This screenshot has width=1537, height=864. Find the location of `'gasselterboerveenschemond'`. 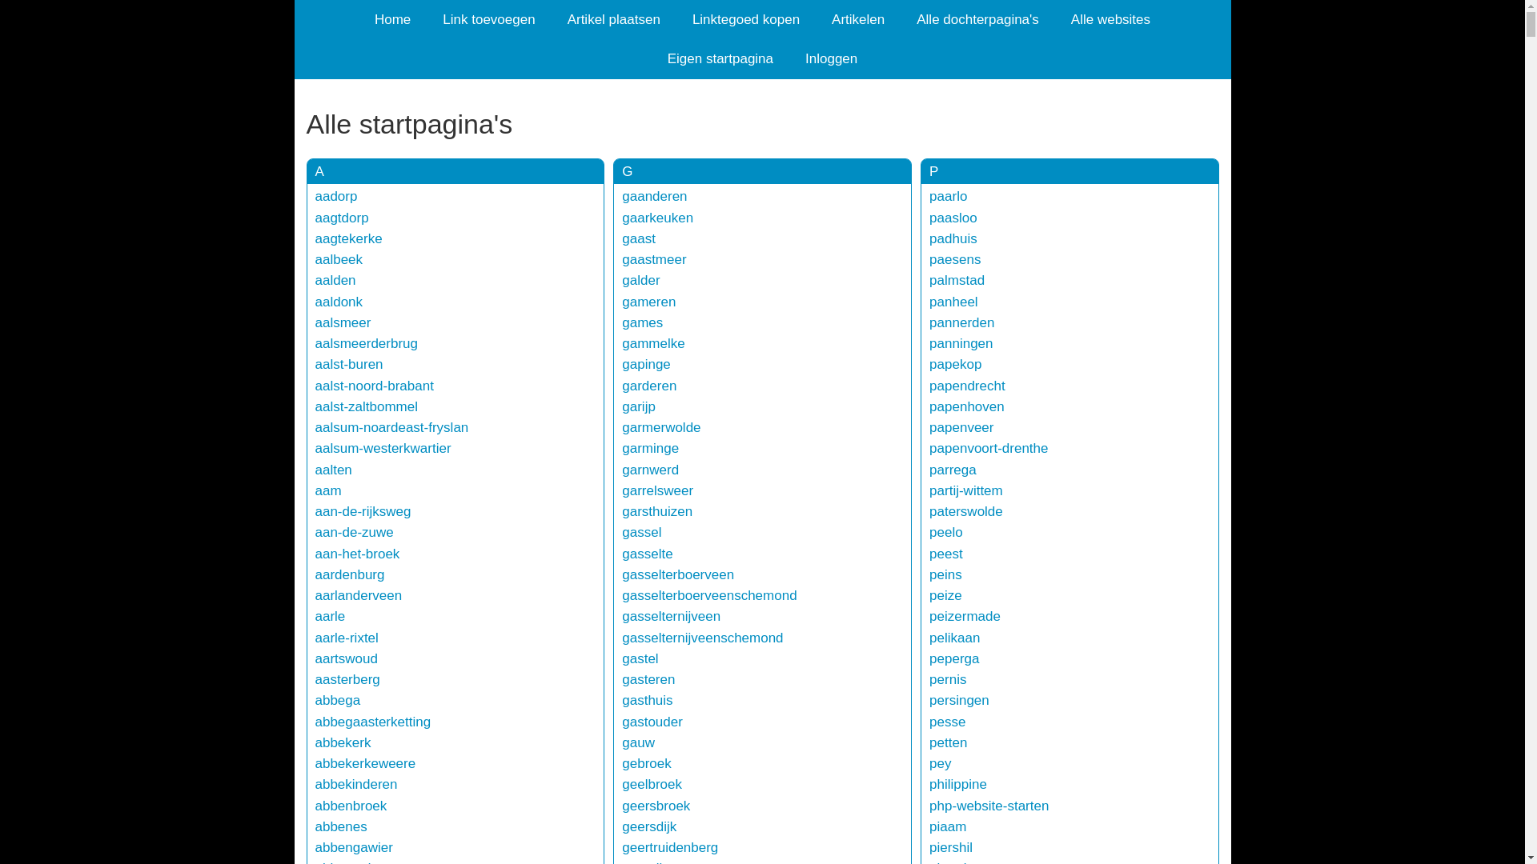

'gasselterboerveenschemond' is located at coordinates (708, 595).